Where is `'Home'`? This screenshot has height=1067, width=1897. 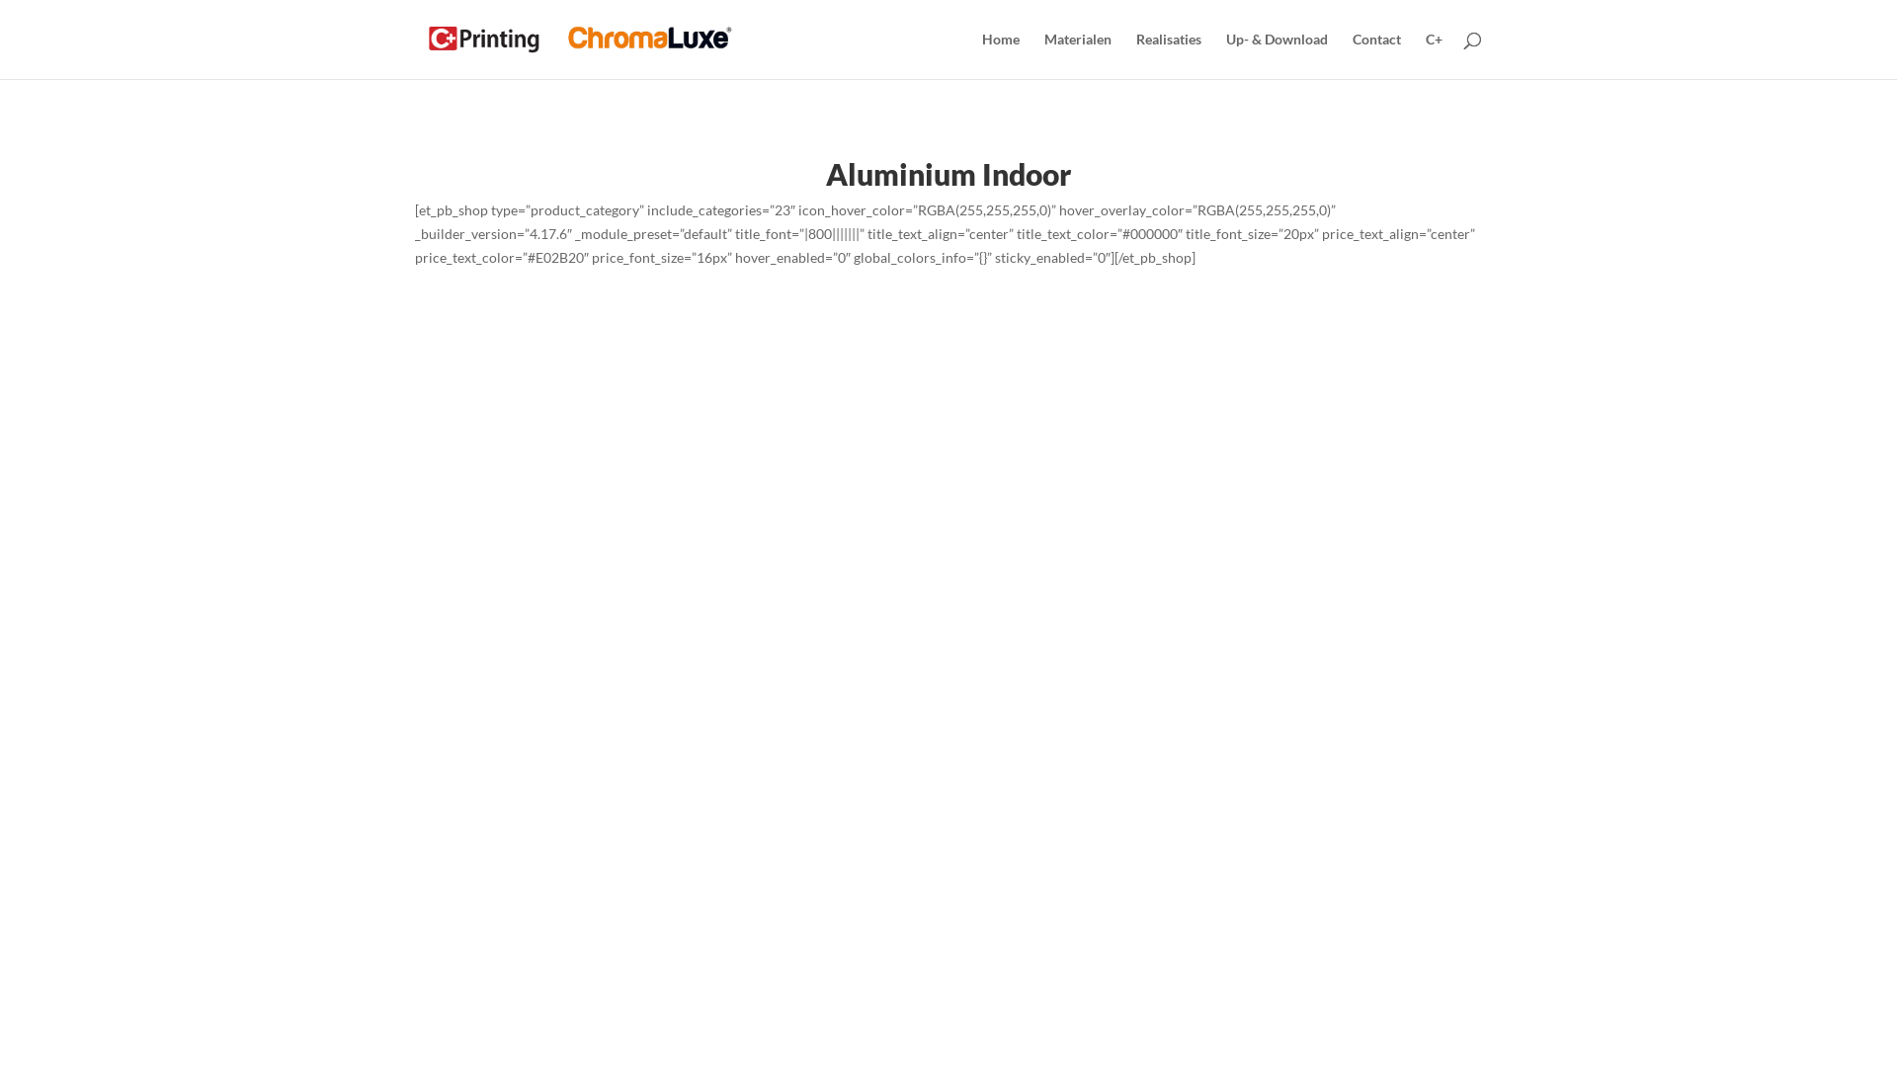
'Home' is located at coordinates (1000, 54).